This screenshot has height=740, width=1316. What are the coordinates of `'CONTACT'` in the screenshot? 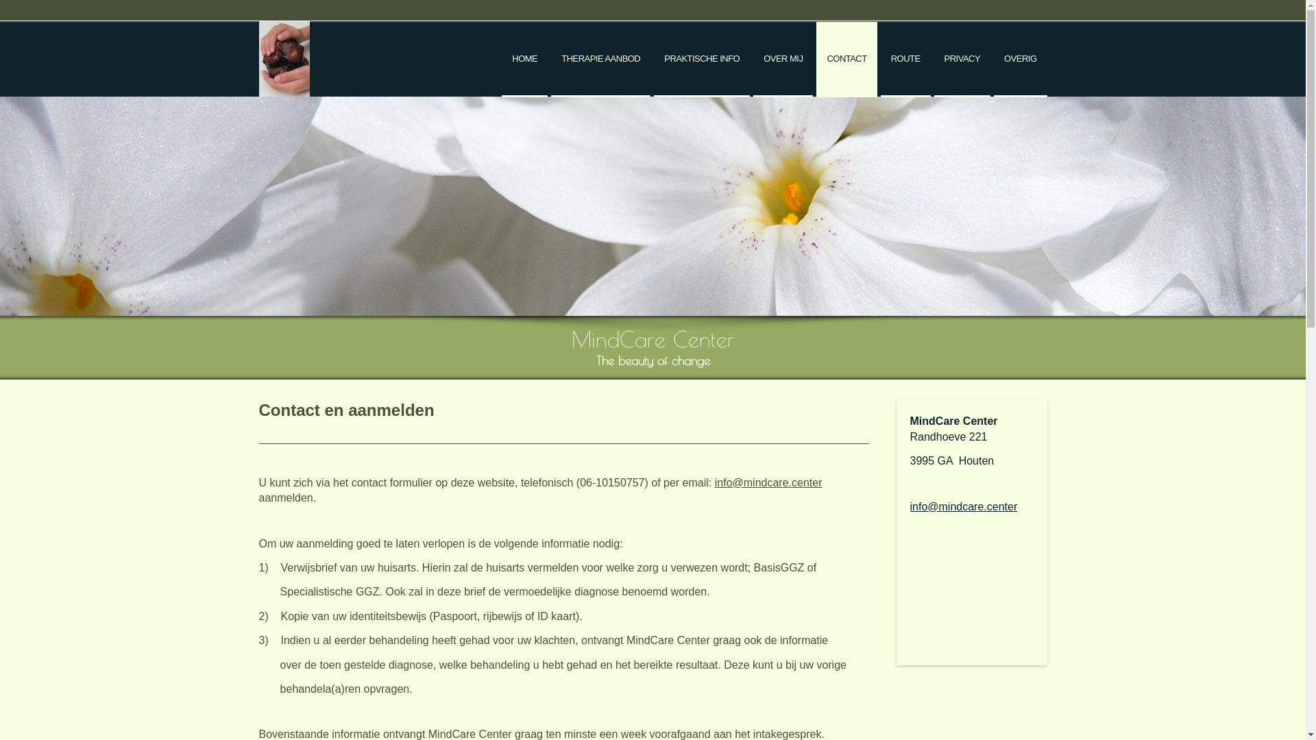 It's located at (816, 59).